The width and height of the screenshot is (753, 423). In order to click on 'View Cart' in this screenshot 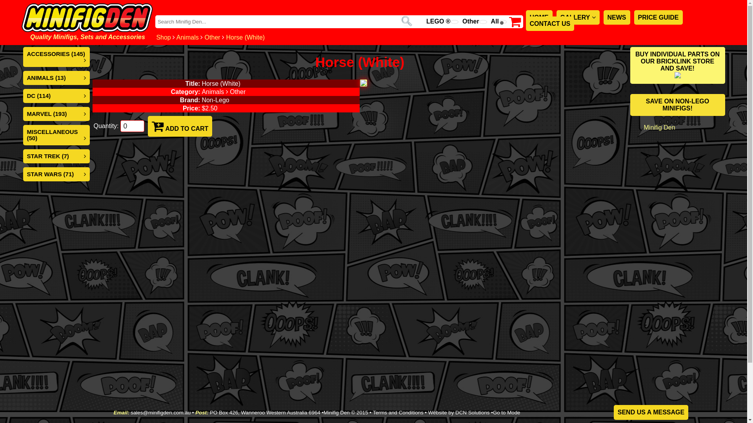, I will do `click(515, 21)`.